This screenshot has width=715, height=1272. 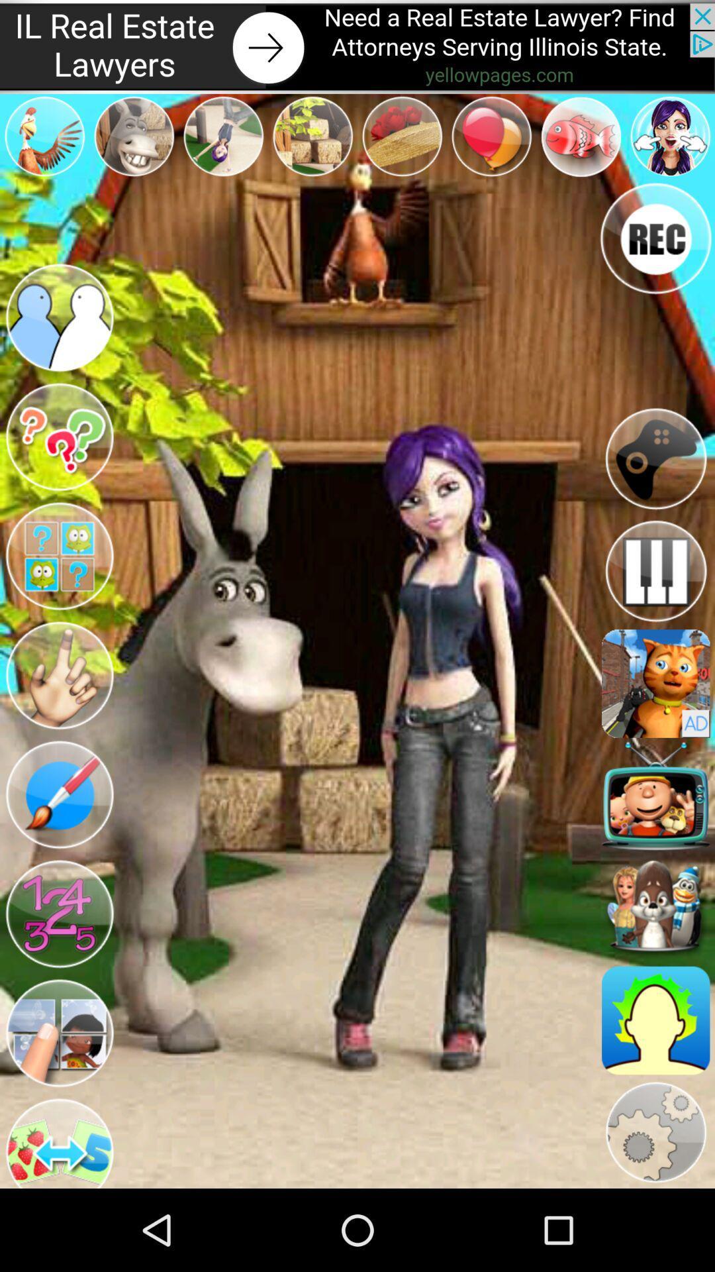 I want to click on the settings icon, so click(x=655, y=1212).